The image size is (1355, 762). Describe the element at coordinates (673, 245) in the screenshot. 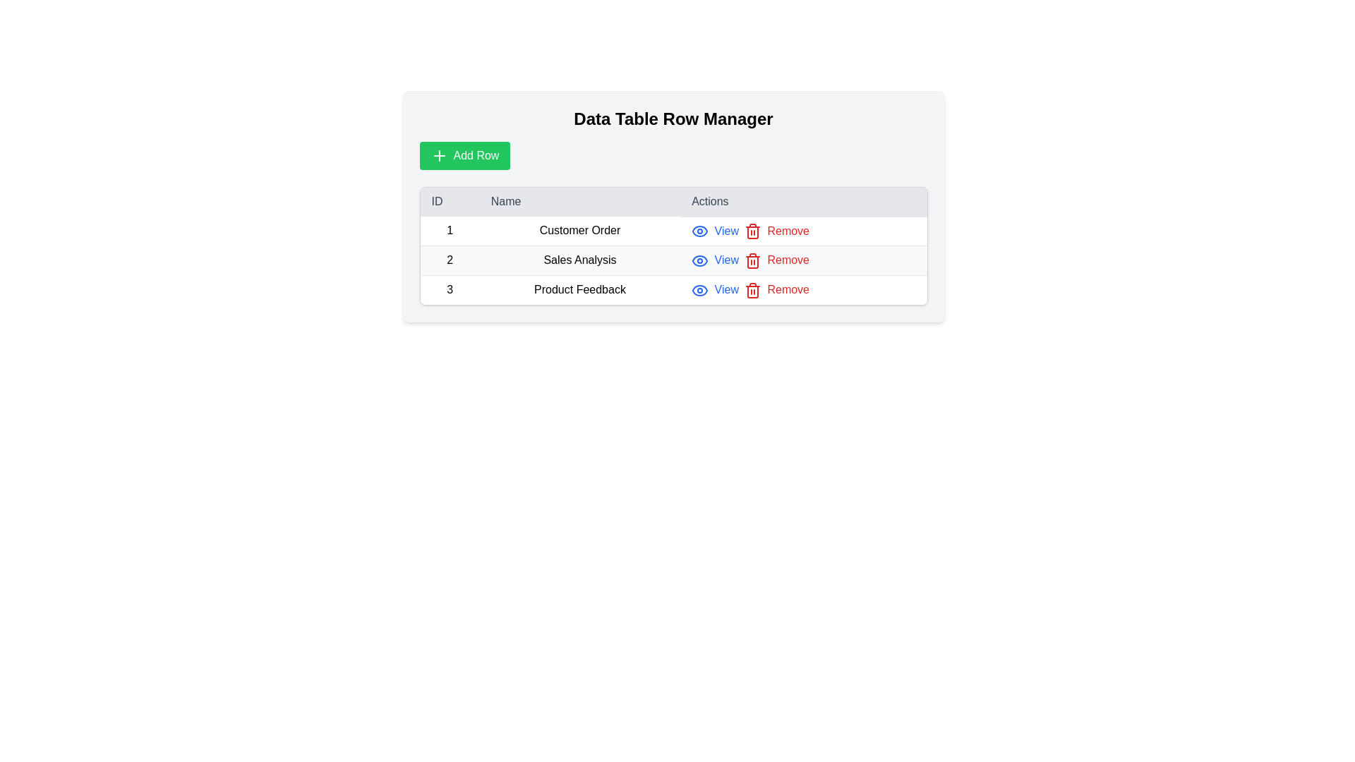

I see `the 'View' button located within the Data Table Row Manager interface` at that location.